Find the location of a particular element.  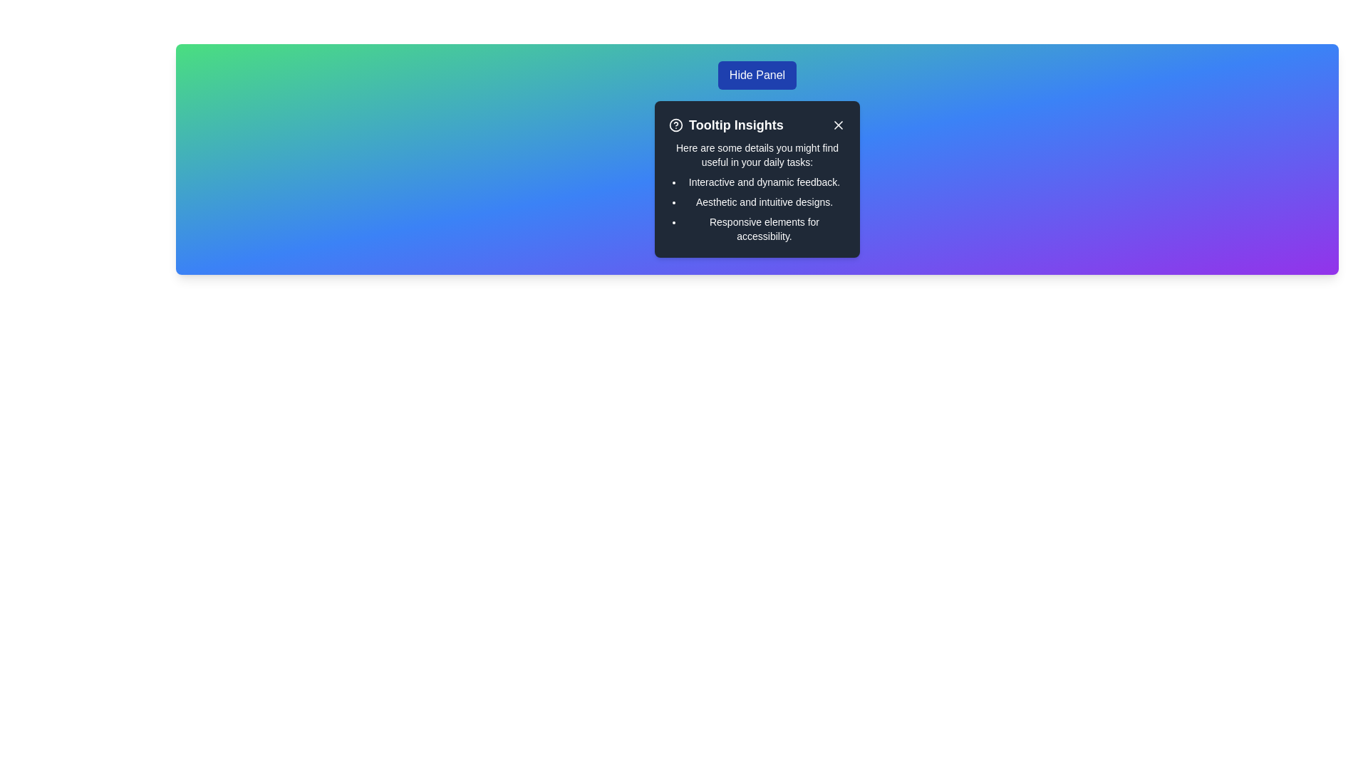

the close icon located at the top-right corner of the 'Tooltip Insights' tooltip is located at coordinates (838, 125).